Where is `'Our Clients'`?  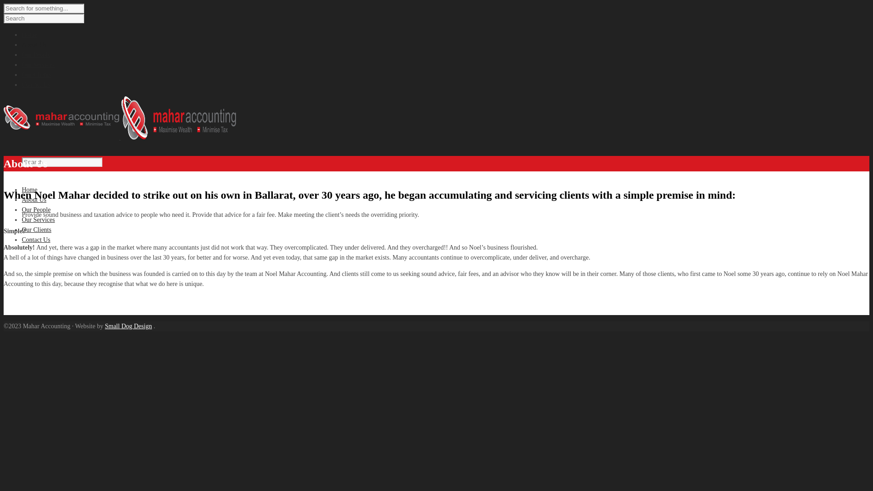 'Our Clients' is located at coordinates (36, 229).